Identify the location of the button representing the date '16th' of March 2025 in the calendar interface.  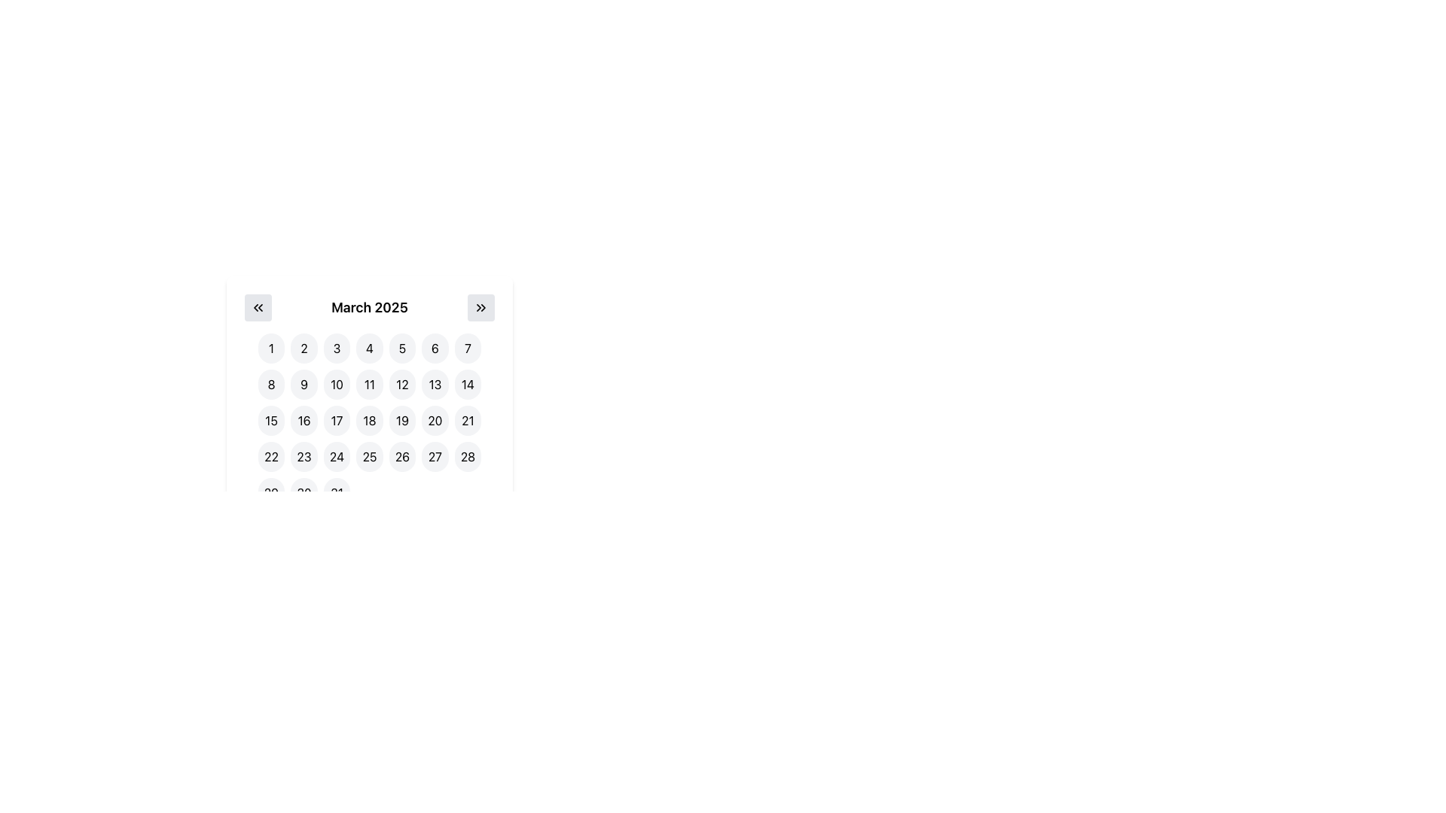
(303, 421).